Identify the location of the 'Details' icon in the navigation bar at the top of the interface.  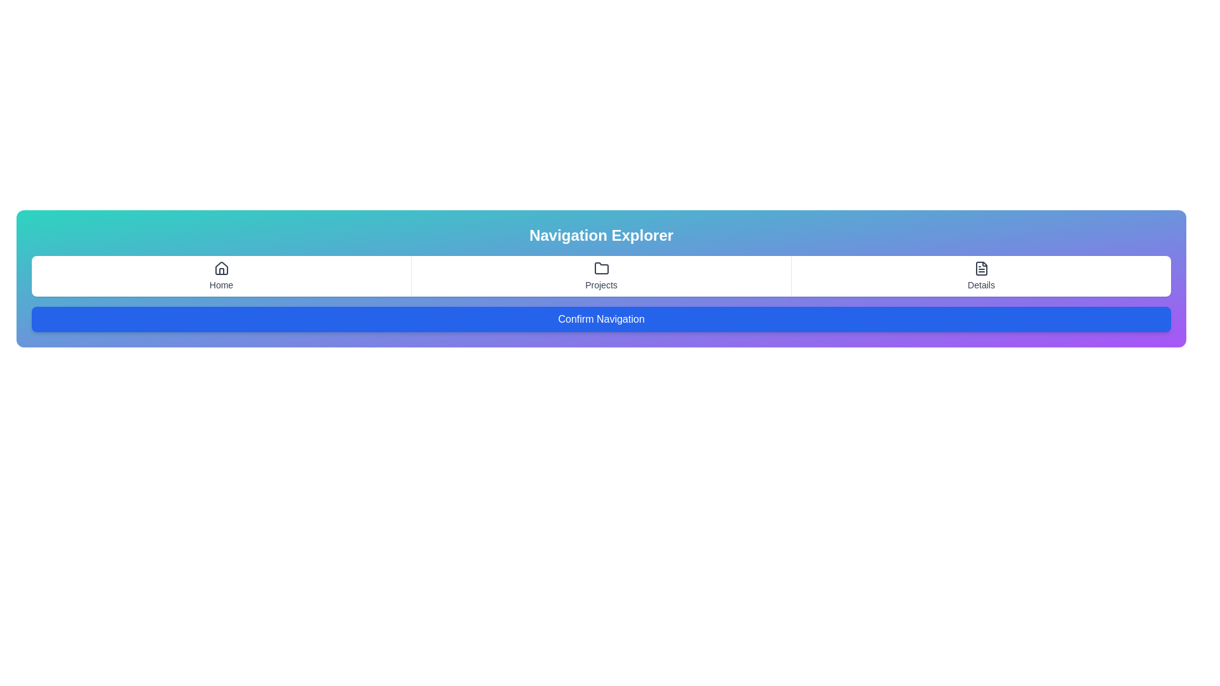
(980, 268).